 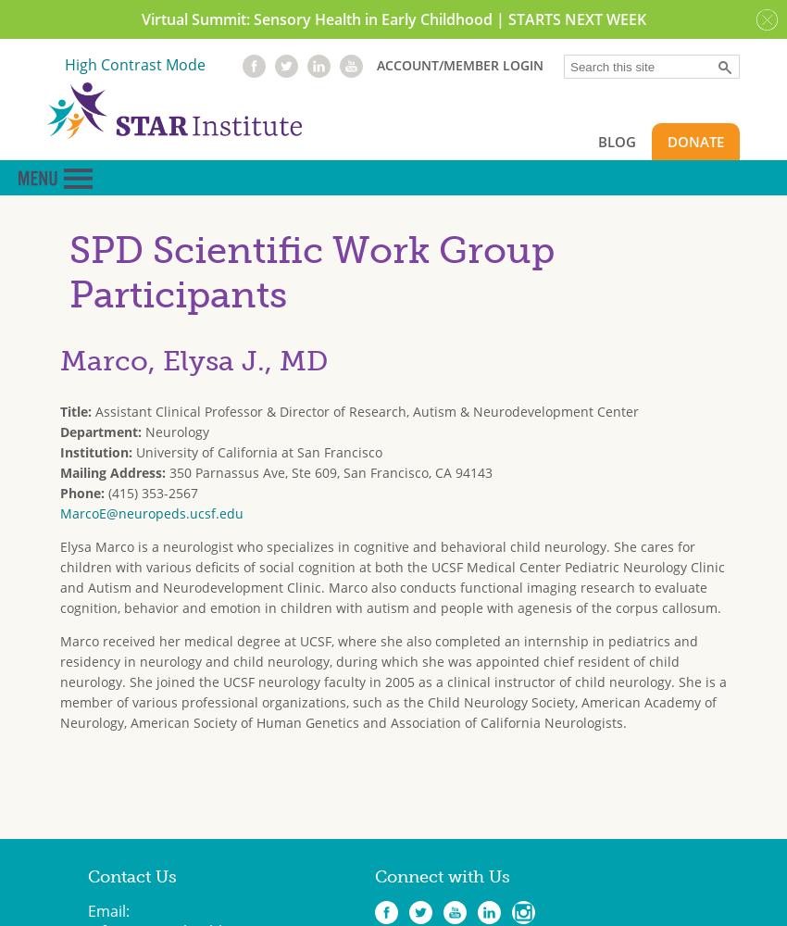 What do you see at coordinates (60, 409) in the screenshot?
I see `'Title:'` at bounding box center [60, 409].